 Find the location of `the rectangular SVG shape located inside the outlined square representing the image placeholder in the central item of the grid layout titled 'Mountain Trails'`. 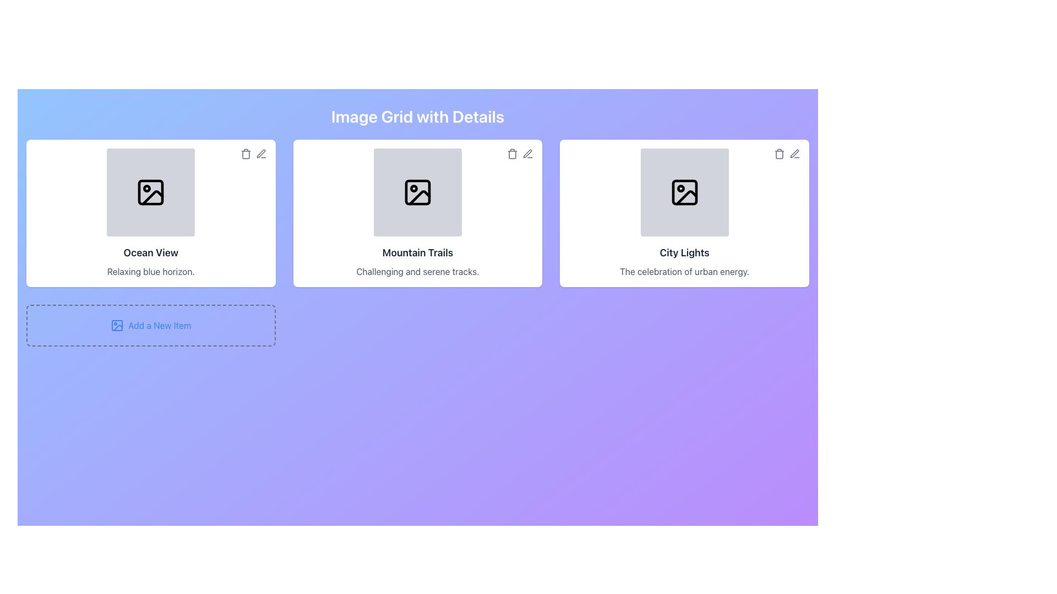

the rectangular SVG shape located inside the outlined square representing the image placeholder in the central item of the grid layout titled 'Mountain Trails' is located at coordinates (417, 192).